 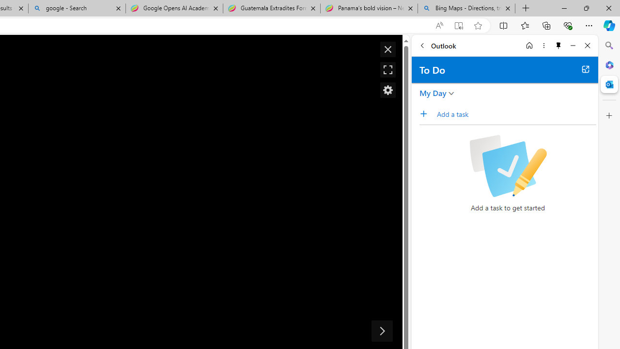 What do you see at coordinates (507, 166) in the screenshot?
I see `'Checkbox with a pencil'` at bounding box center [507, 166].